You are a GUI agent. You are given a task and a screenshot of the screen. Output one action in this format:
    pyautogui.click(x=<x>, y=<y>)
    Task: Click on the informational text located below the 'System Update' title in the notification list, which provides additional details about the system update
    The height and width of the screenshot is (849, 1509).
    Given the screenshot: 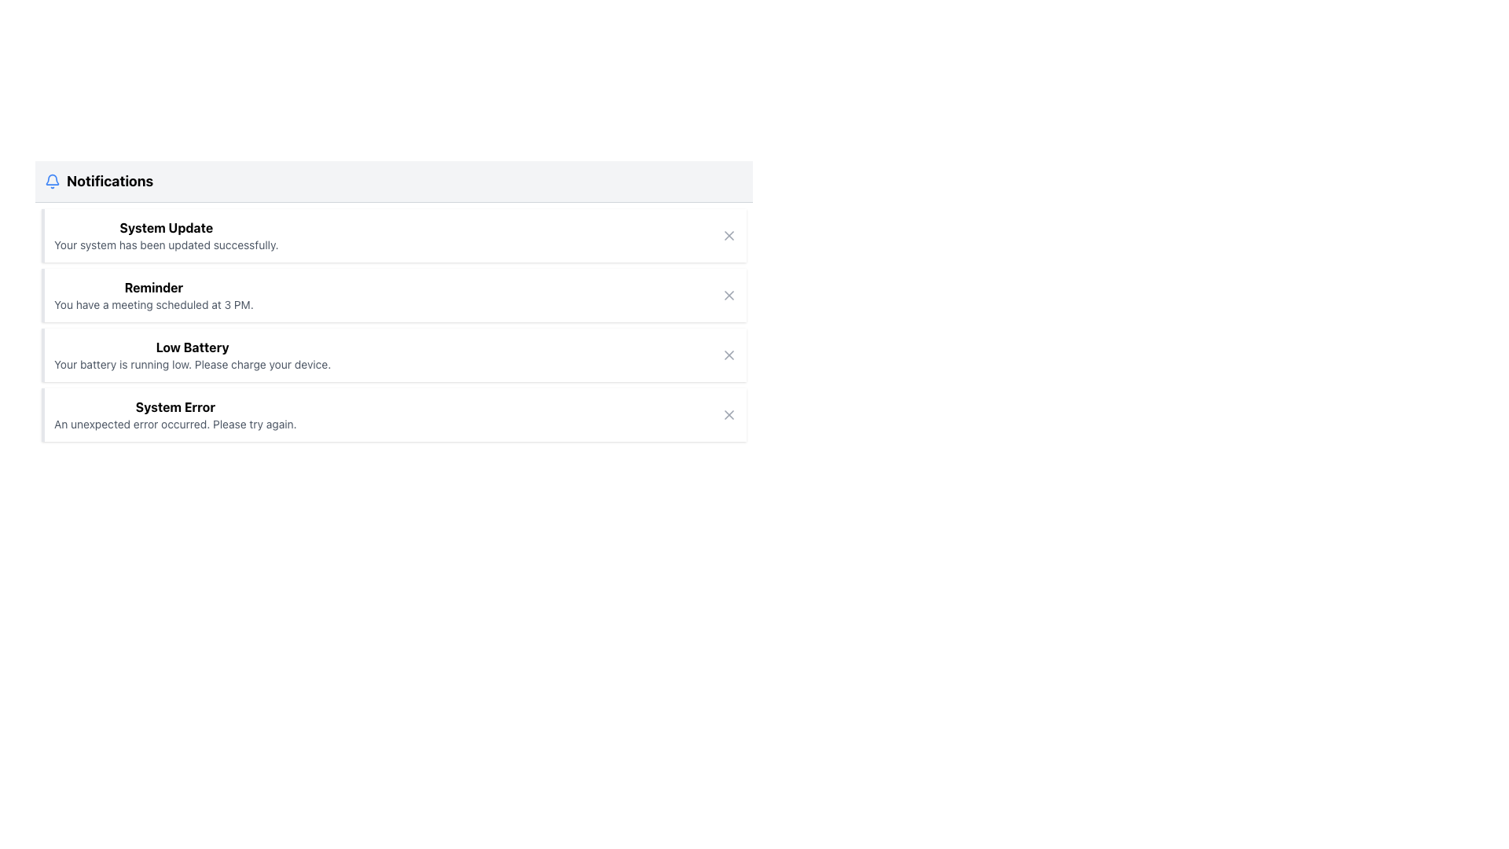 What is the action you would take?
    pyautogui.click(x=166, y=245)
    